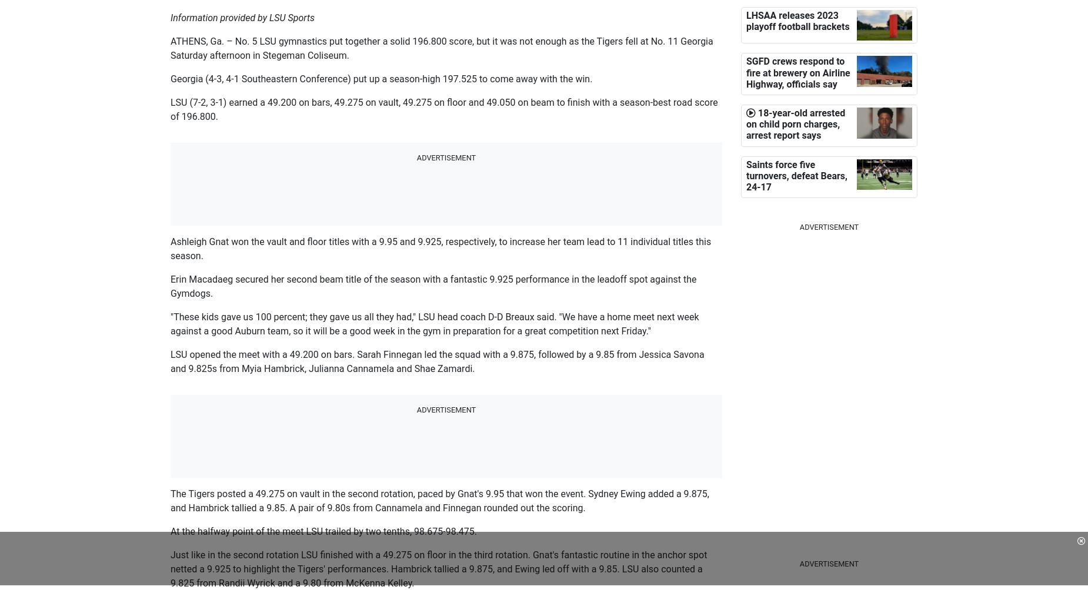 Image resolution: width=1088 pixels, height=590 pixels. Describe the element at coordinates (745, 72) in the screenshot. I see `'SGFD crews respond to fire at brewery on Airline Highway, officials say'` at that location.